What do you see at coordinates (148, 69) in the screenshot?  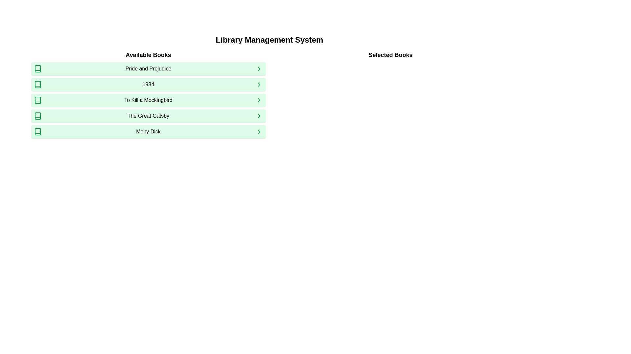 I see `the first text label indicating the name of a book in the 'Available Books' list, positioned between a book icon and a right-pointing arrow` at bounding box center [148, 69].